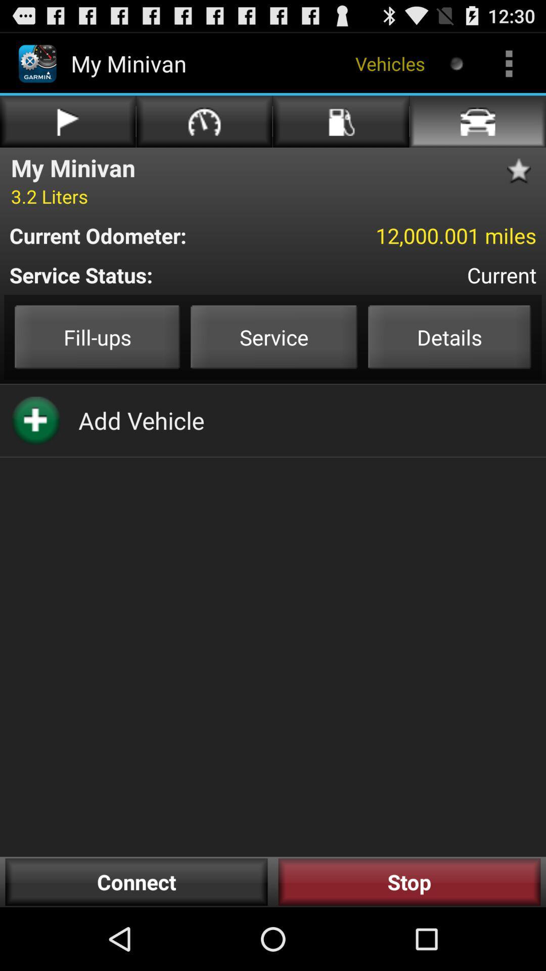 Image resolution: width=546 pixels, height=971 pixels. What do you see at coordinates (159, 275) in the screenshot?
I see `the item to the left of current item` at bounding box center [159, 275].